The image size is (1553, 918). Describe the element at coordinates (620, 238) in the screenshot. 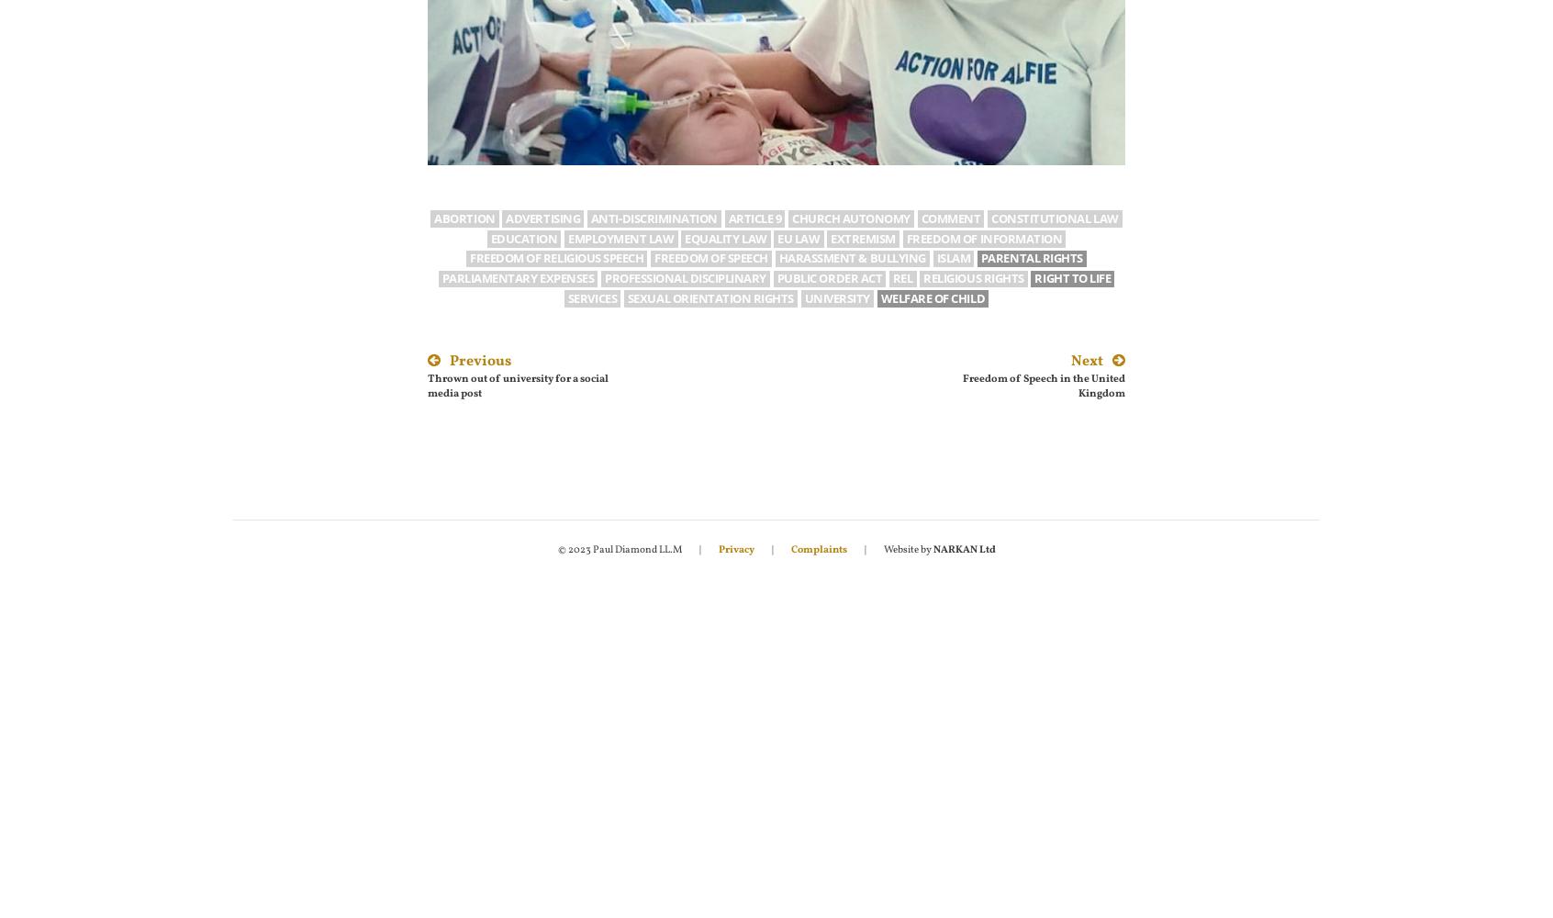

I see `'Employment law'` at that location.